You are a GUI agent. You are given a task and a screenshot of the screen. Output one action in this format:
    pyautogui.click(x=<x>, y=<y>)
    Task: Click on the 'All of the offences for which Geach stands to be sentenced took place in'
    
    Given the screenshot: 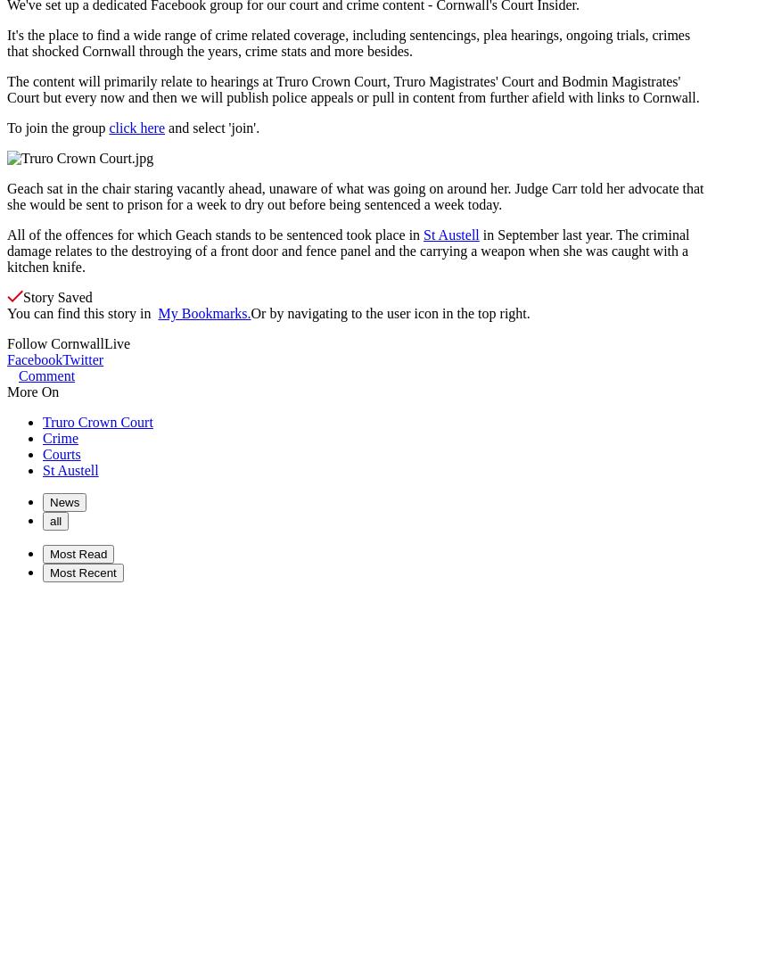 What is the action you would take?
    pyautogui.click(x=214, y=235)
    